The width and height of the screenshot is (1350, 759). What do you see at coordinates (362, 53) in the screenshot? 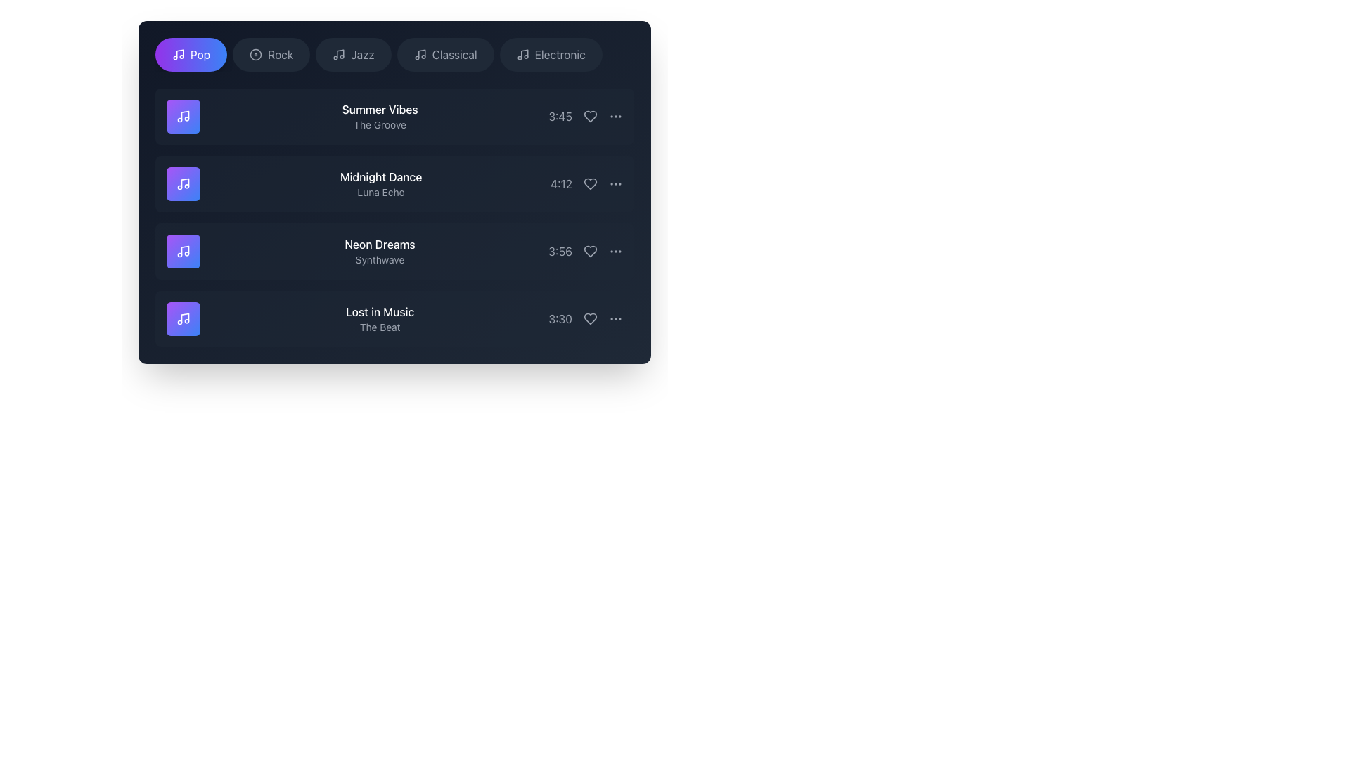
I see `the 'Jazz' category selection button, which features bold light gray text on a dark gray background, located between the 'Rock' and 'Classical' buttons` at bounding box center [362, 53].